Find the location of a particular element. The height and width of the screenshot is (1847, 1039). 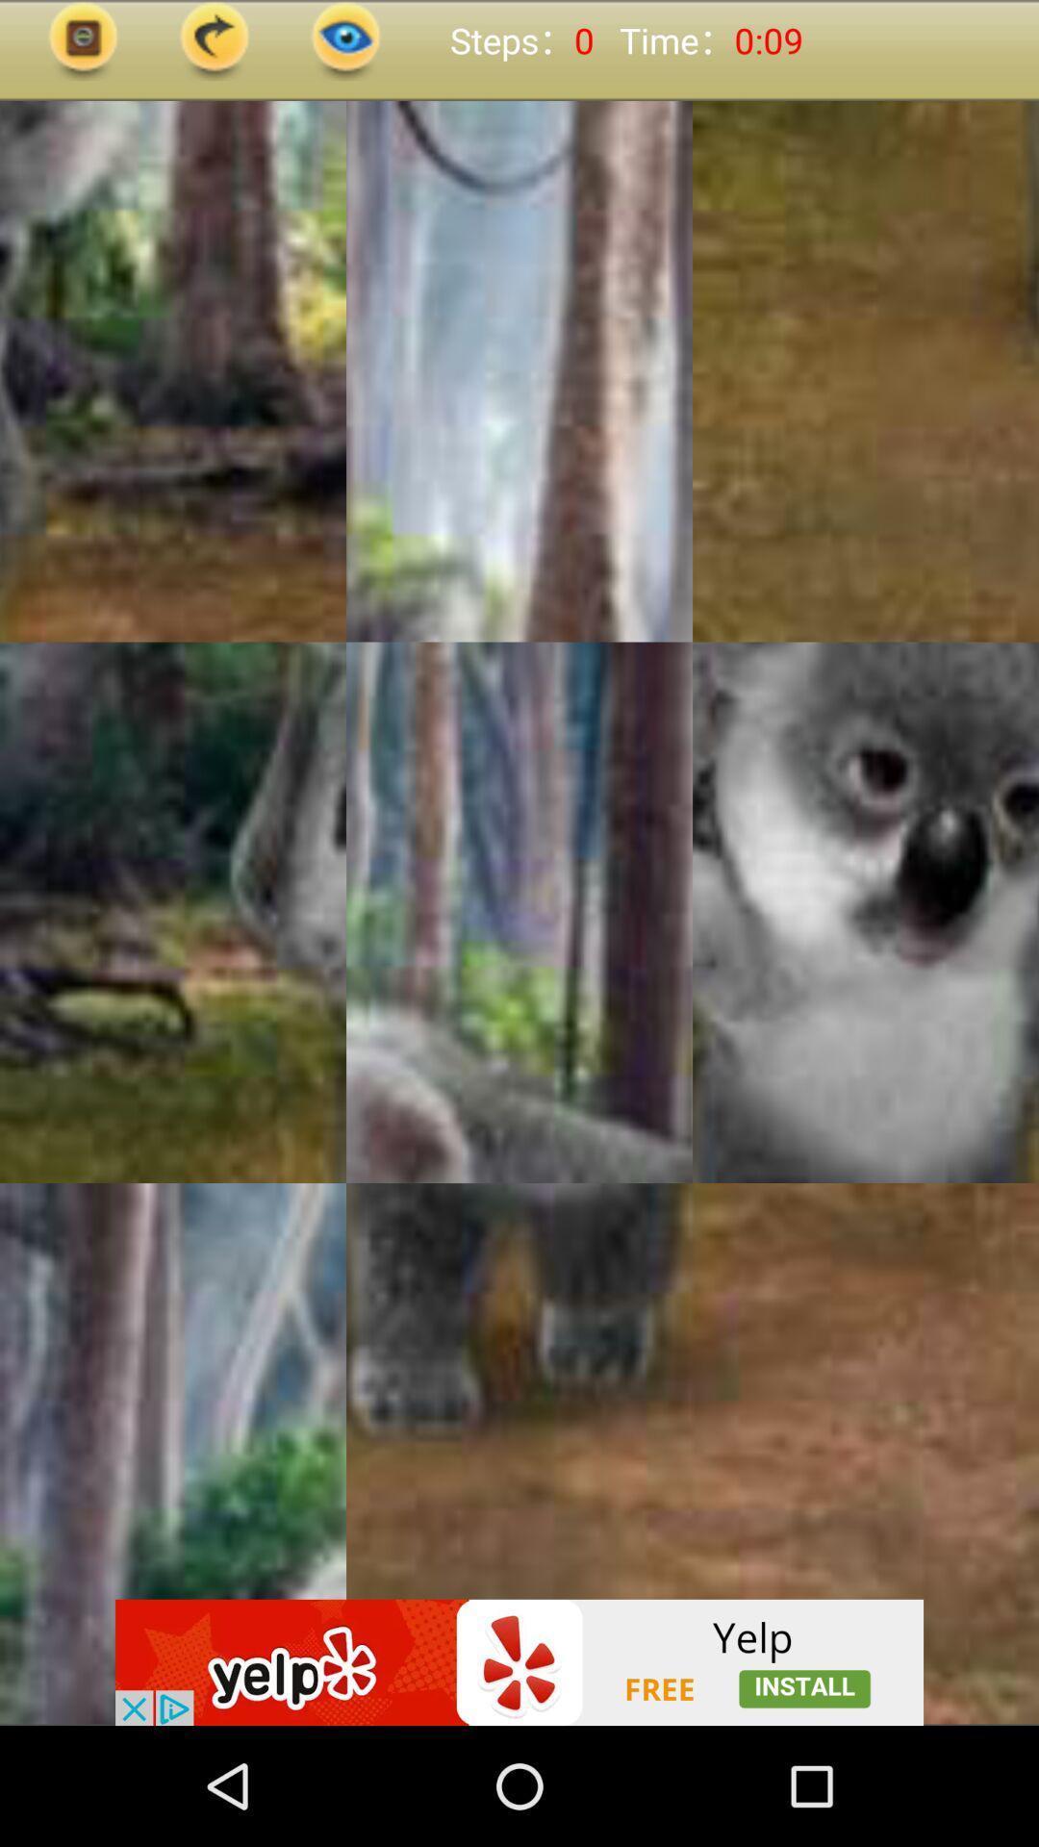

the photo icon is located at coordinates (83, 40).